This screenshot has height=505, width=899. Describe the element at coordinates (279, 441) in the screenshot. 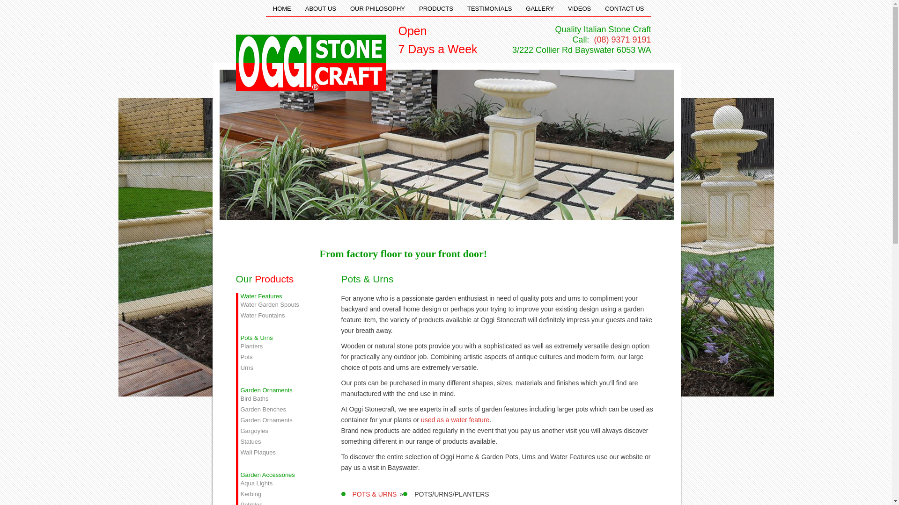

I see `'Statues'` at that location.